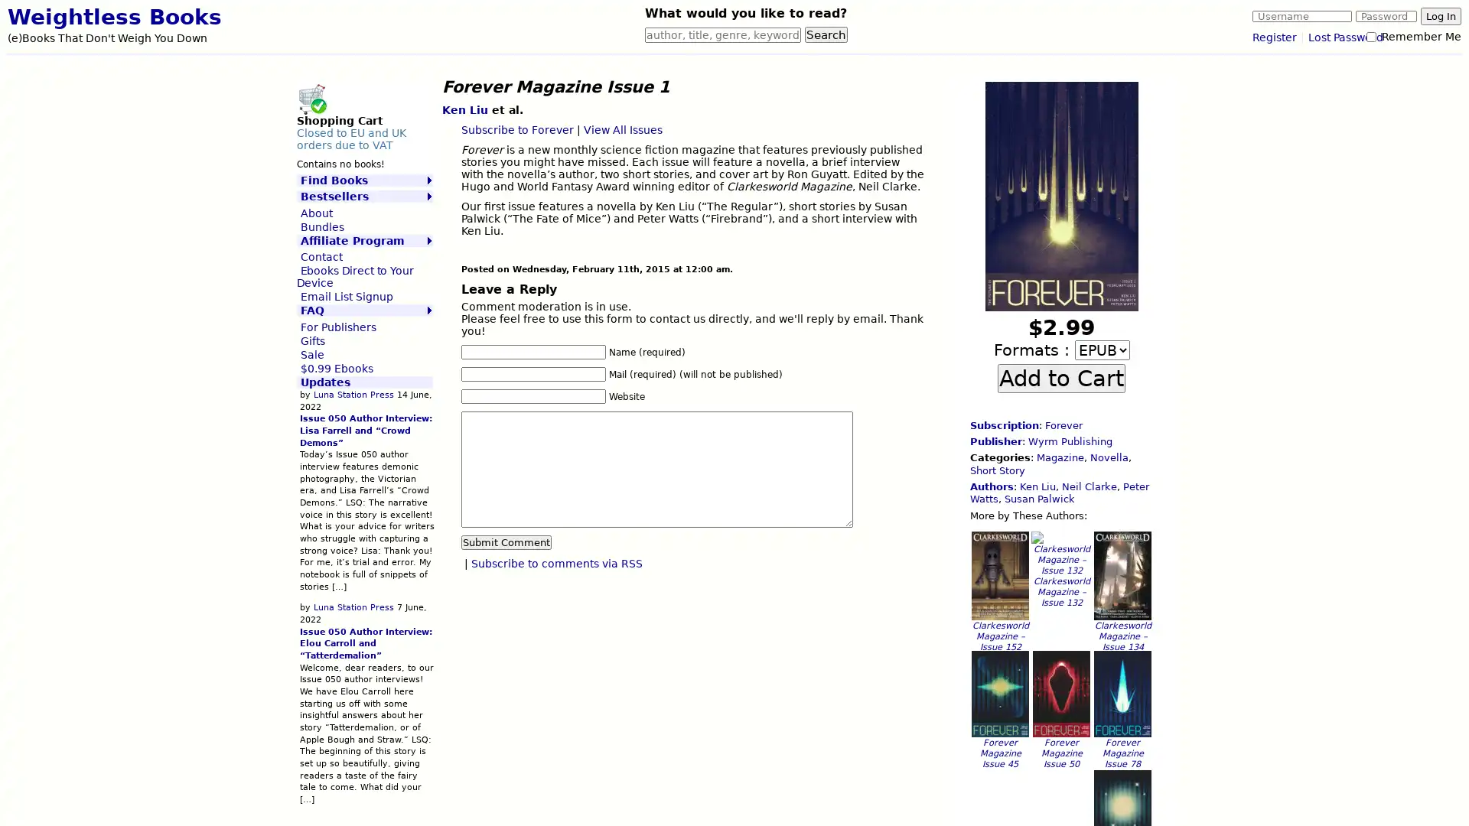 The image size is (1469, 826). Describe the element at coordinates (1440, 16) in the screenshot. I see `Log In` at that location.